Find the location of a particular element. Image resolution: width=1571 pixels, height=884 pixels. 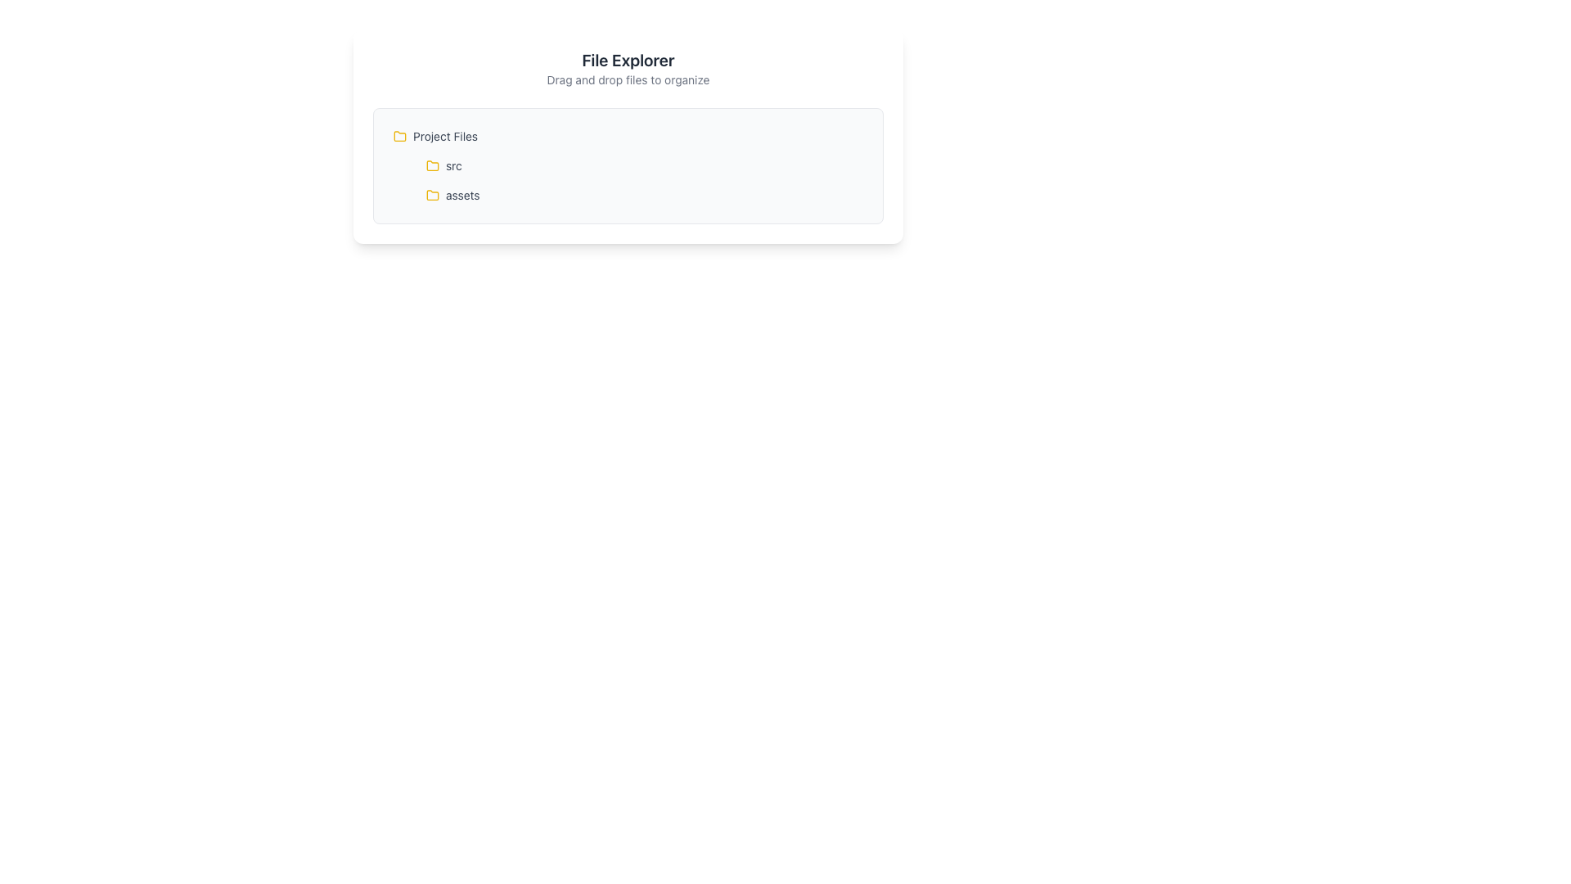

the 'plus' icon button located in the top-right corner of the 'File Explorer' card is located at coordinates (836, 135).